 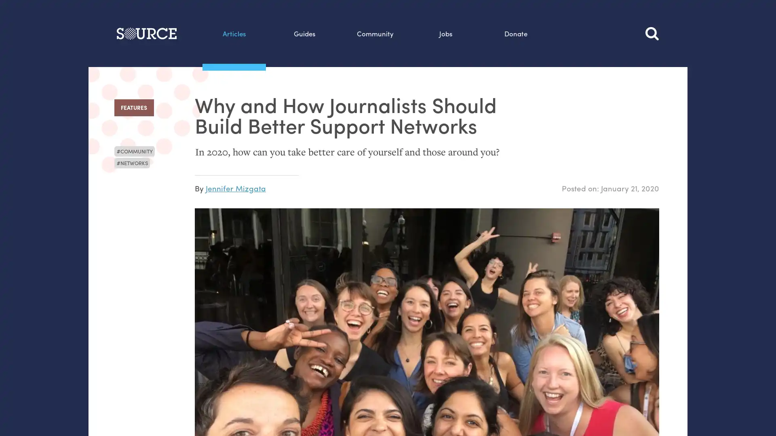 What do you see at coordinates (652, 105) in the screenshot?
I see `Search` at bounding box center [652, 105].